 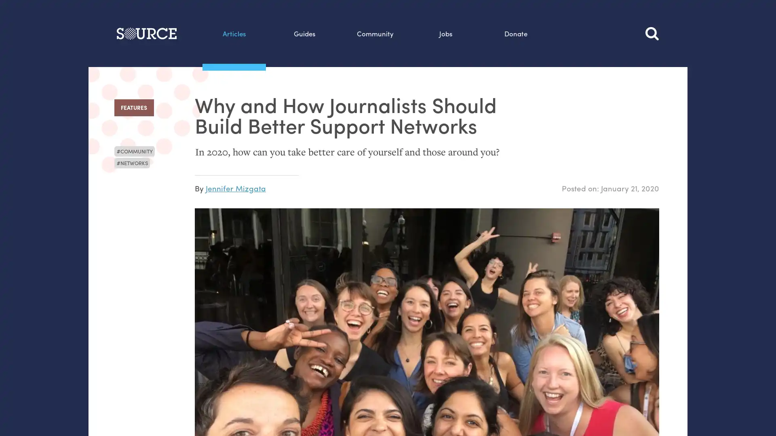 What do you see at coordinates (652, 105) in the screenshot?
I see `Search` at bounding box center [652, 105].